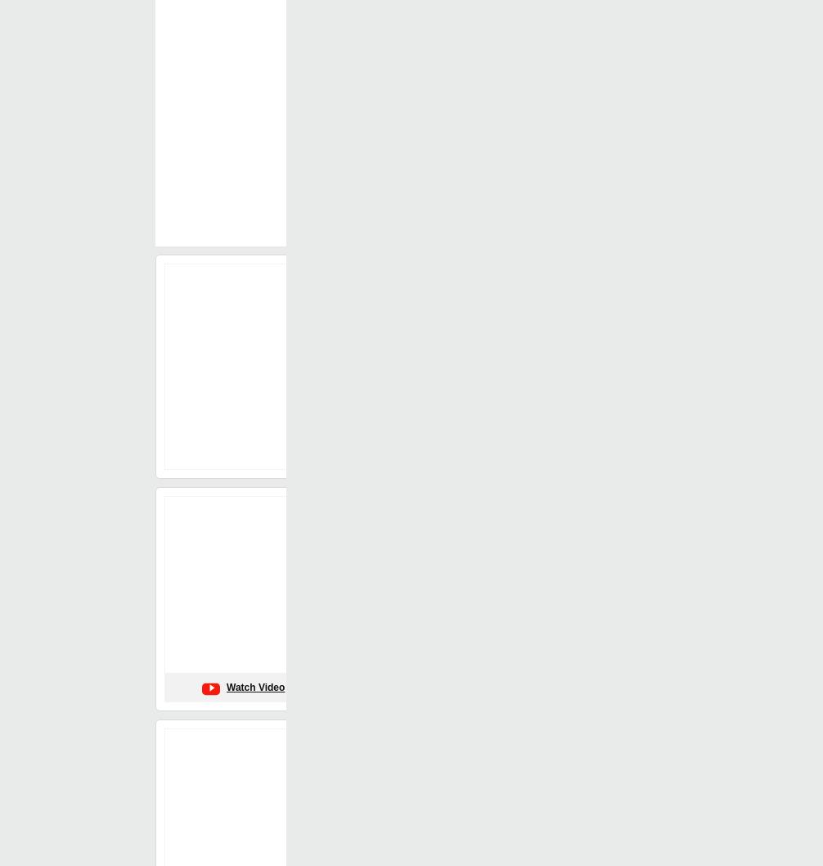 The height and width of the screenshot is (866, 823). Describe the element at coordinates (491, 461) in the screenshot. I see `':  Waterproof'` at that location.